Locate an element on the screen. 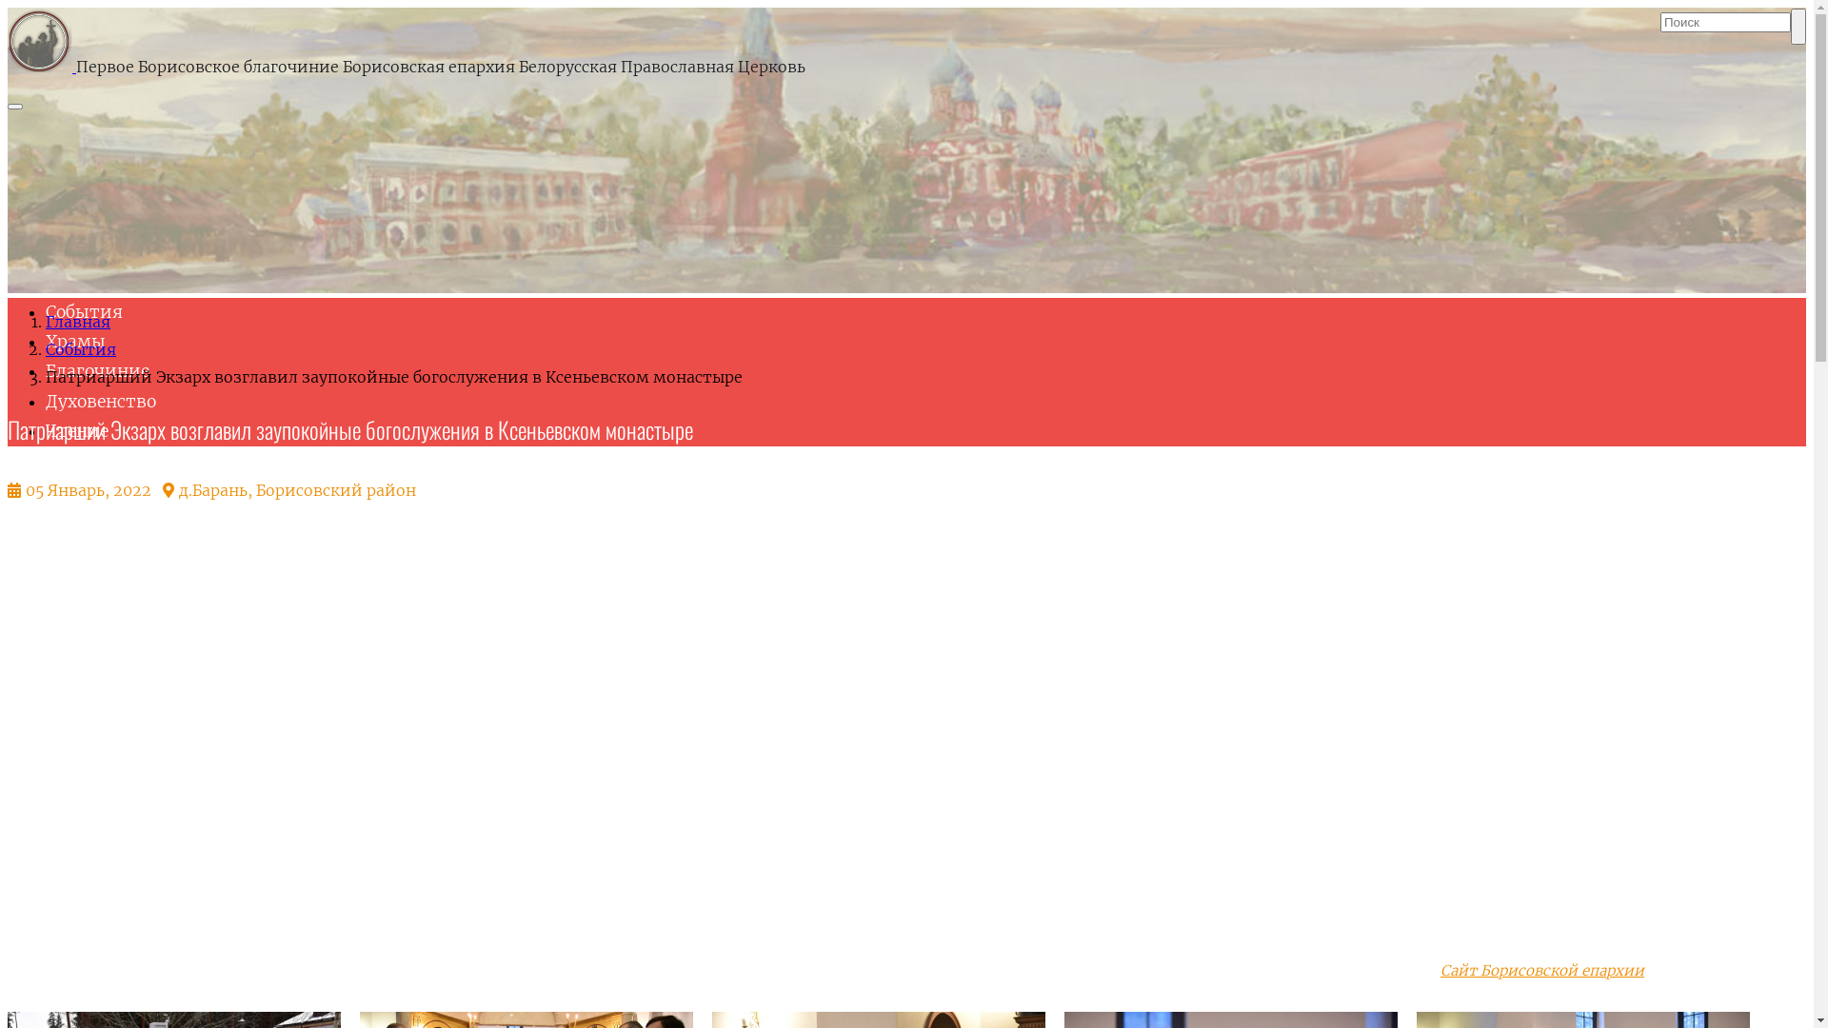  'Toggle navigation' is located at coordinates (14, 106).